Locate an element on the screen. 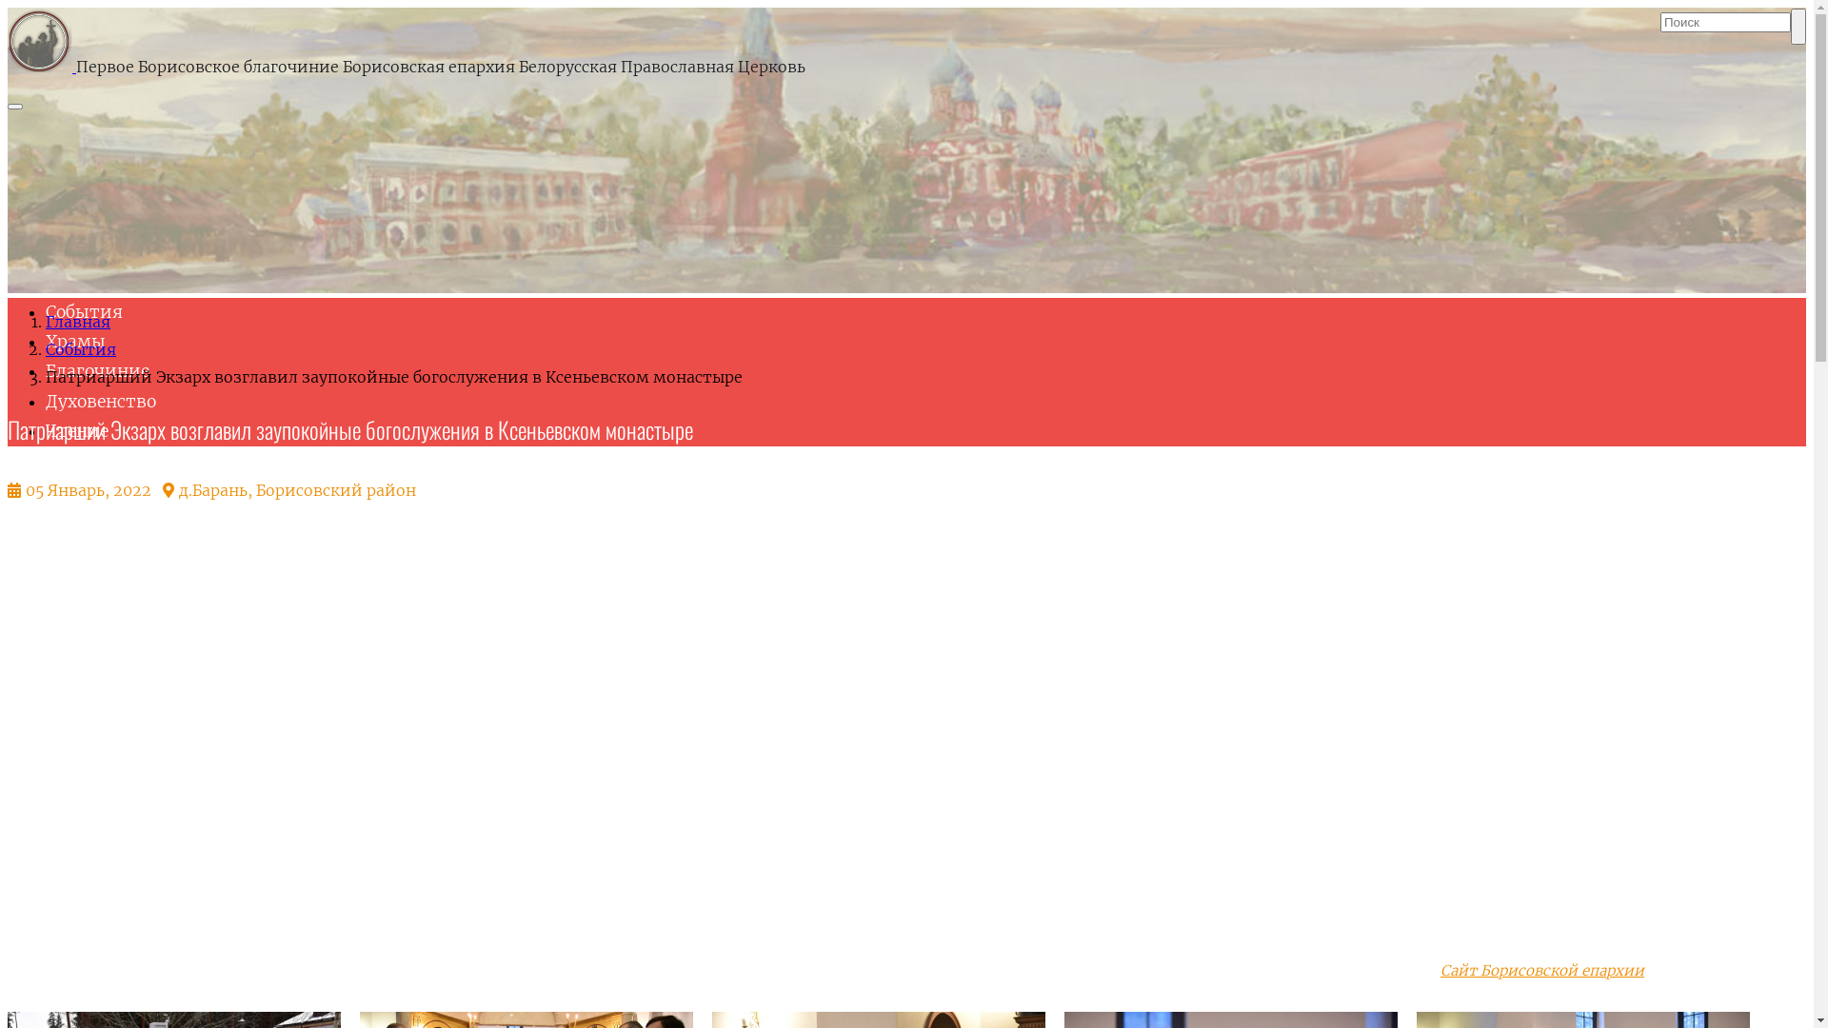  'Toggle navigation' is located at coordinates (14, 106).